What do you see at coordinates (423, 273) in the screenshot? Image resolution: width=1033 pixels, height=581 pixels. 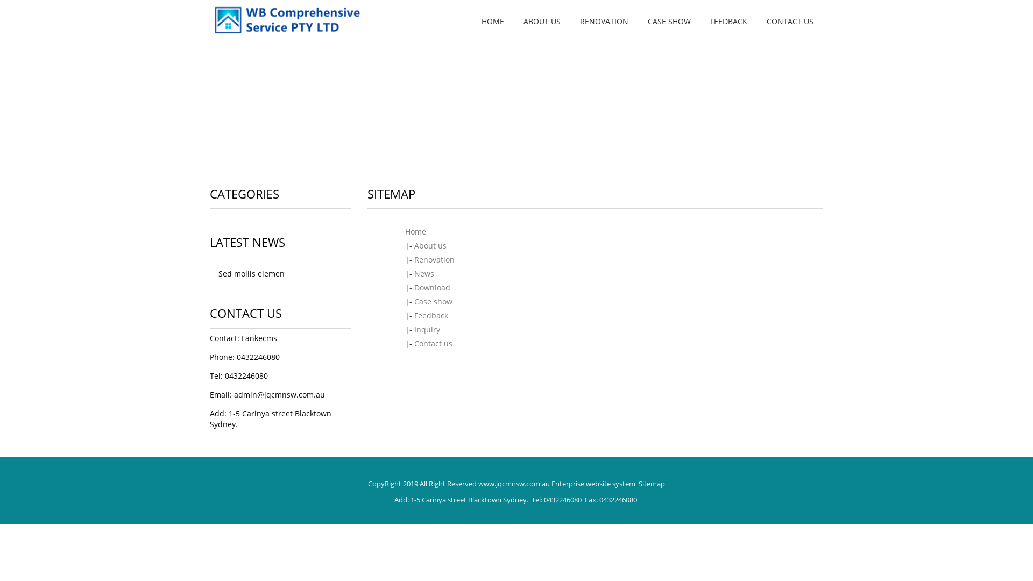 I see `'News'` at bounding box center [423, 273].